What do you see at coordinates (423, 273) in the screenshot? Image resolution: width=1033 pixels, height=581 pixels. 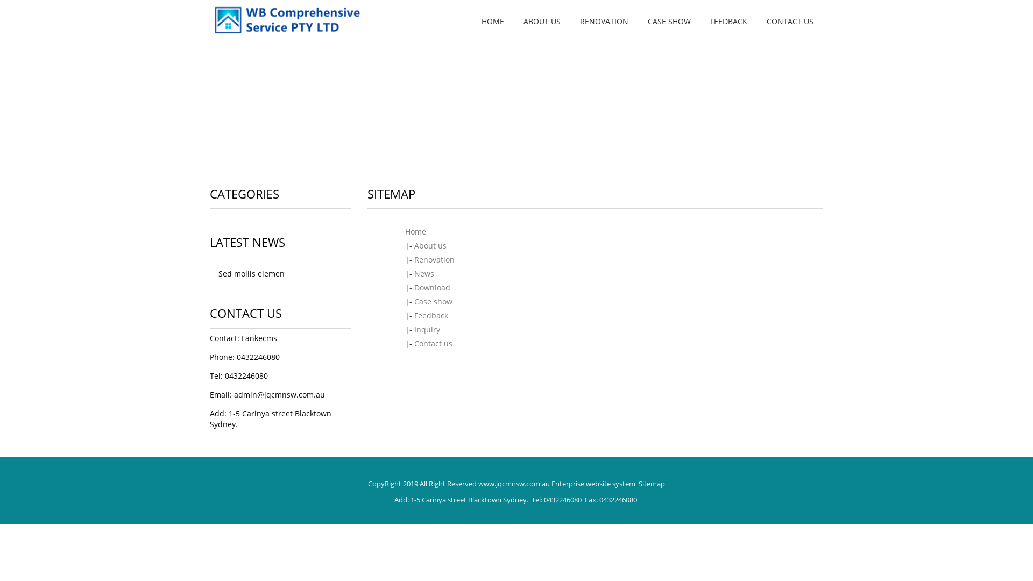 I see `'News'` at bounding box center [423, 273].